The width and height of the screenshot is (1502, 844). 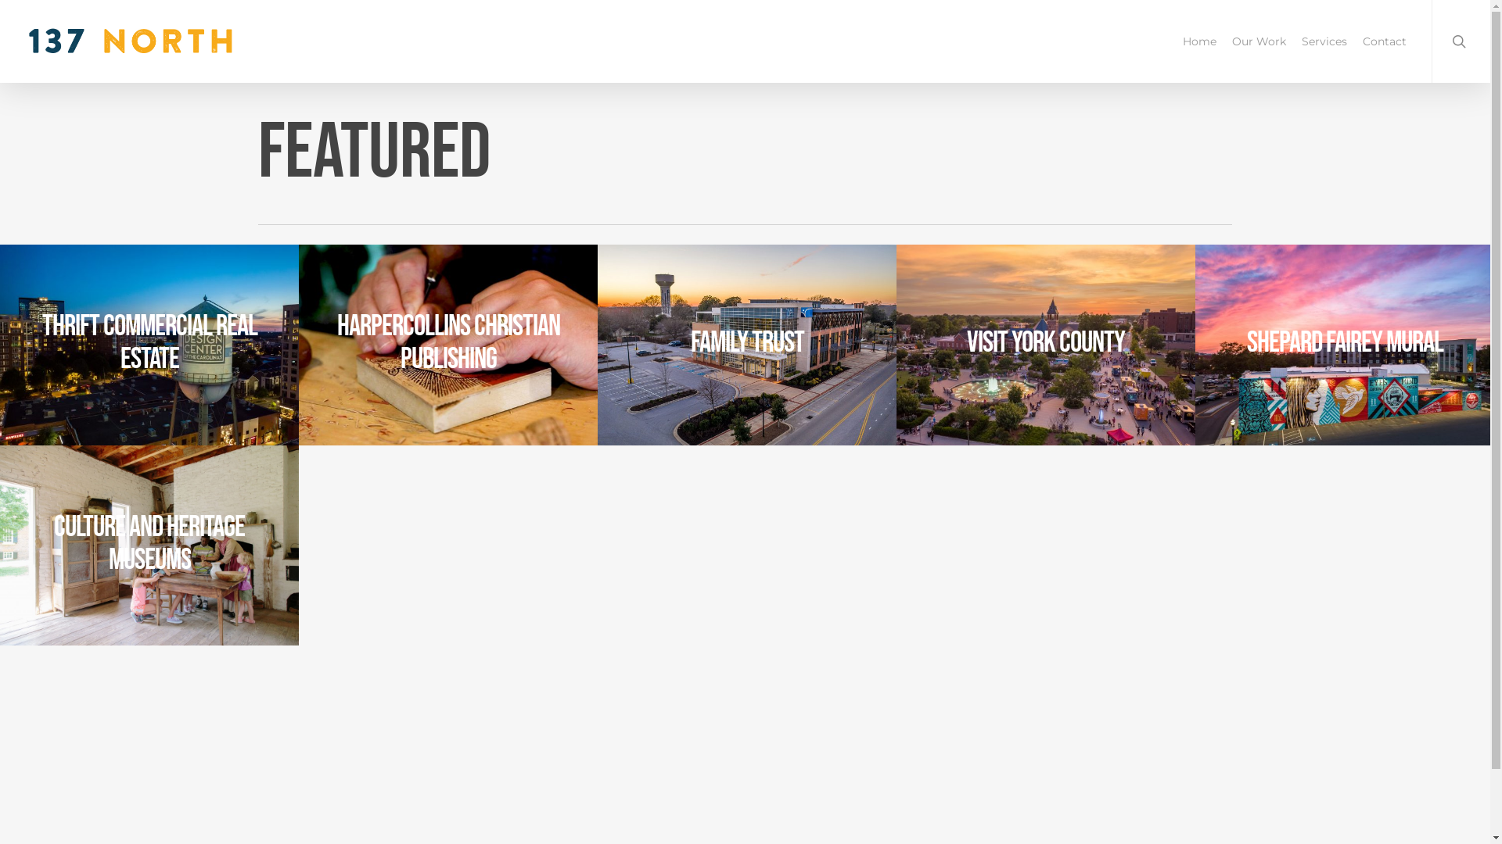 I want to click on 'Our Work', so click(x=1223, y=41).